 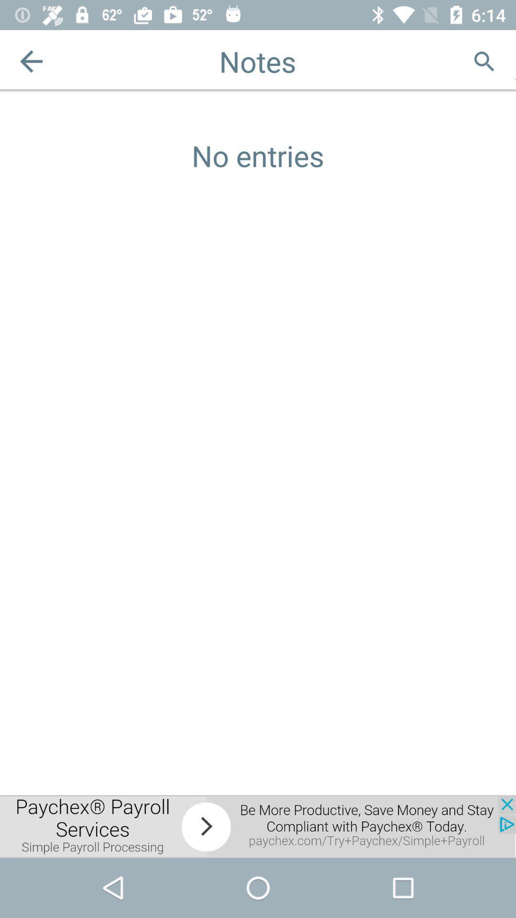 What do you see at coordinates (258, 826) in the screenshot?
I see `advertisement link` at bounding box center [258, 826].